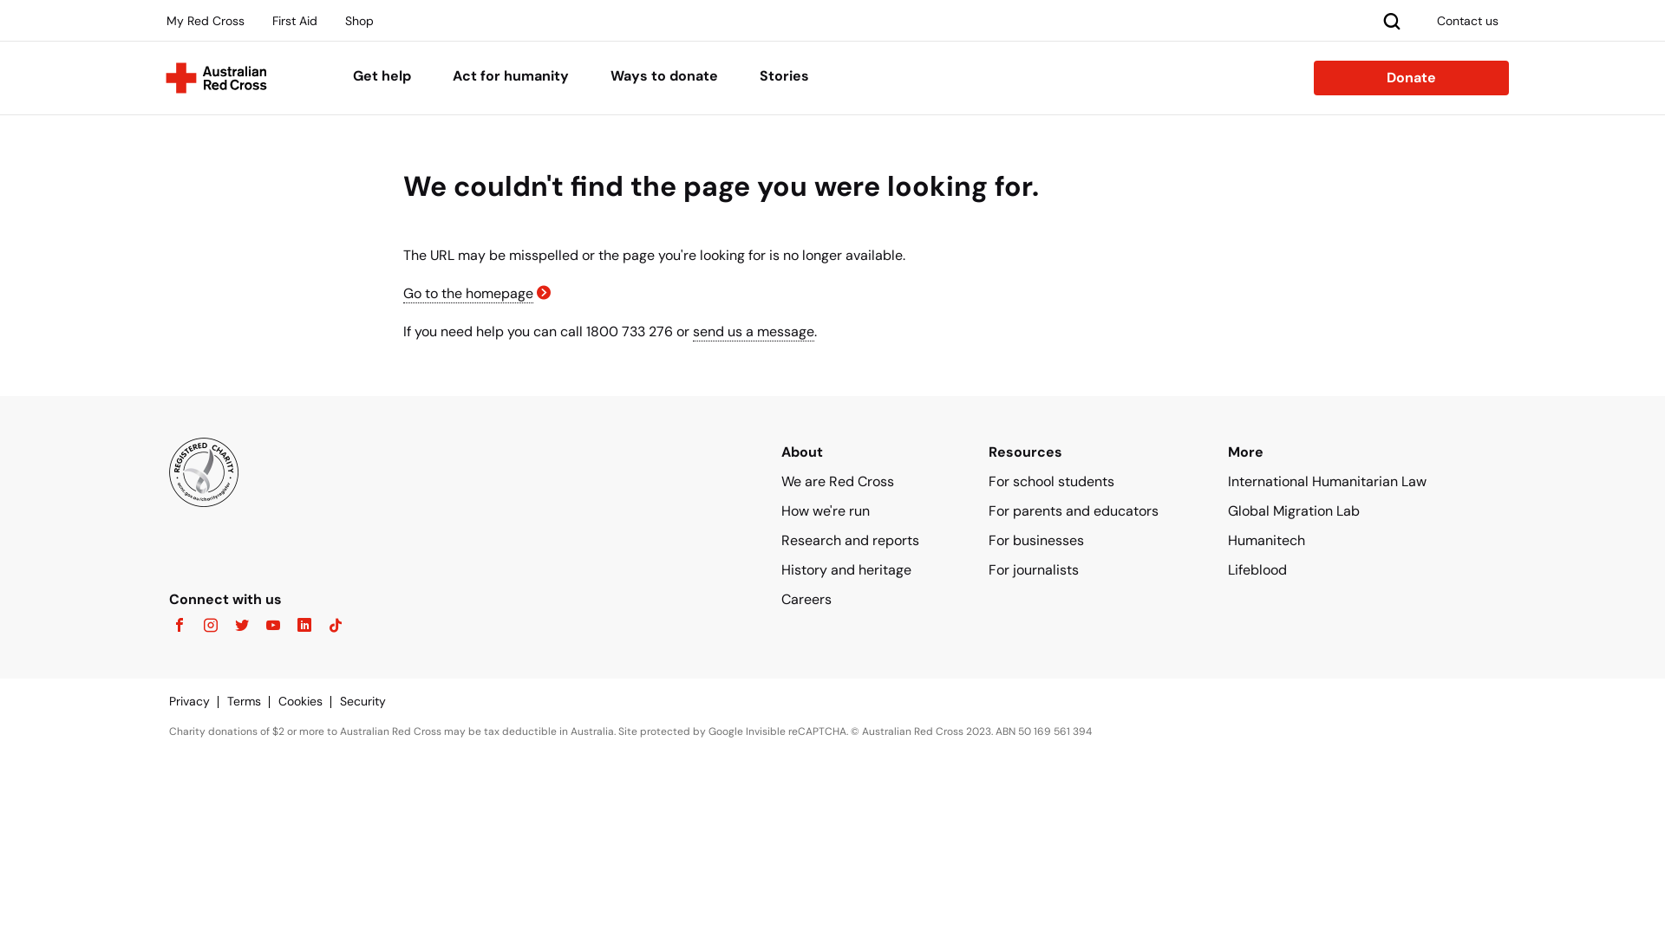 This screenshot has height=936, width=1665. Describe the element at coordinates (330, 626) in the screenshot. I see `'tiktok'` at that location.